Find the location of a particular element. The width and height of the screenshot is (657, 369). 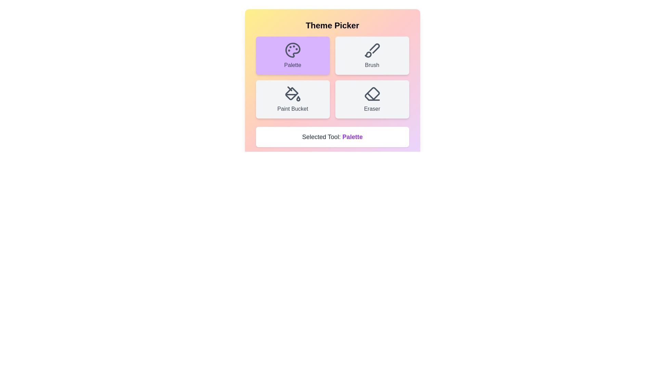

the text displaying the selected tool is located at coordinates (332, 137).